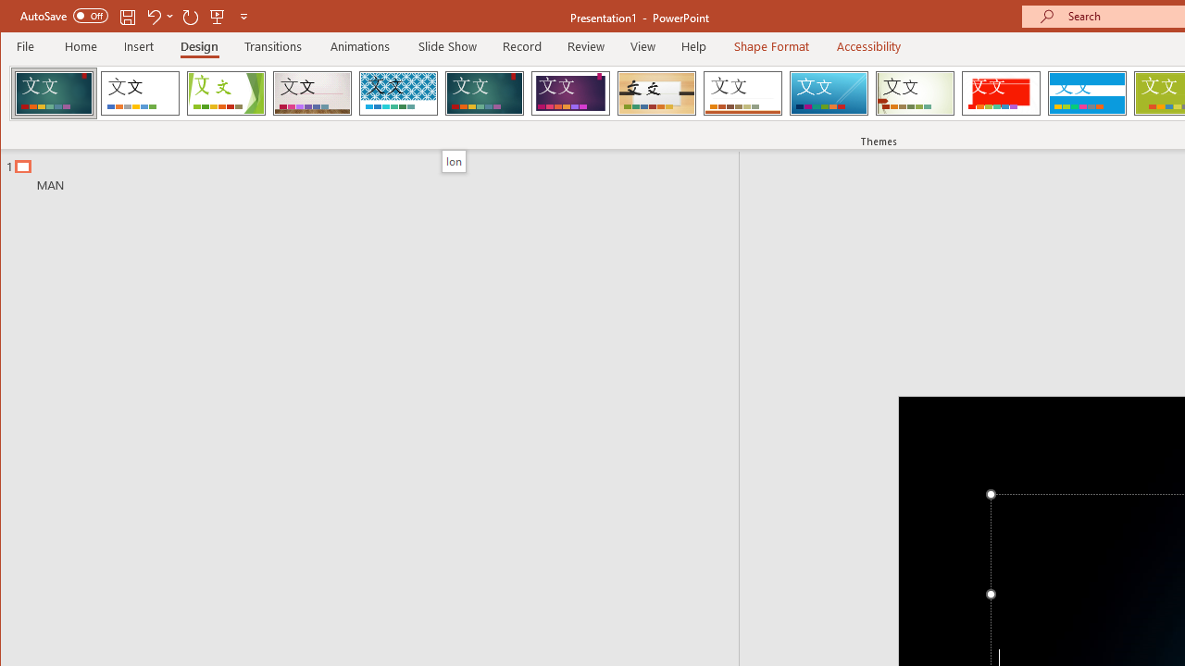 This screenshot has width=1185, height=666. Describe the element at coordinates (127, 16) in the screenshot. I see `'Save'` at that location.